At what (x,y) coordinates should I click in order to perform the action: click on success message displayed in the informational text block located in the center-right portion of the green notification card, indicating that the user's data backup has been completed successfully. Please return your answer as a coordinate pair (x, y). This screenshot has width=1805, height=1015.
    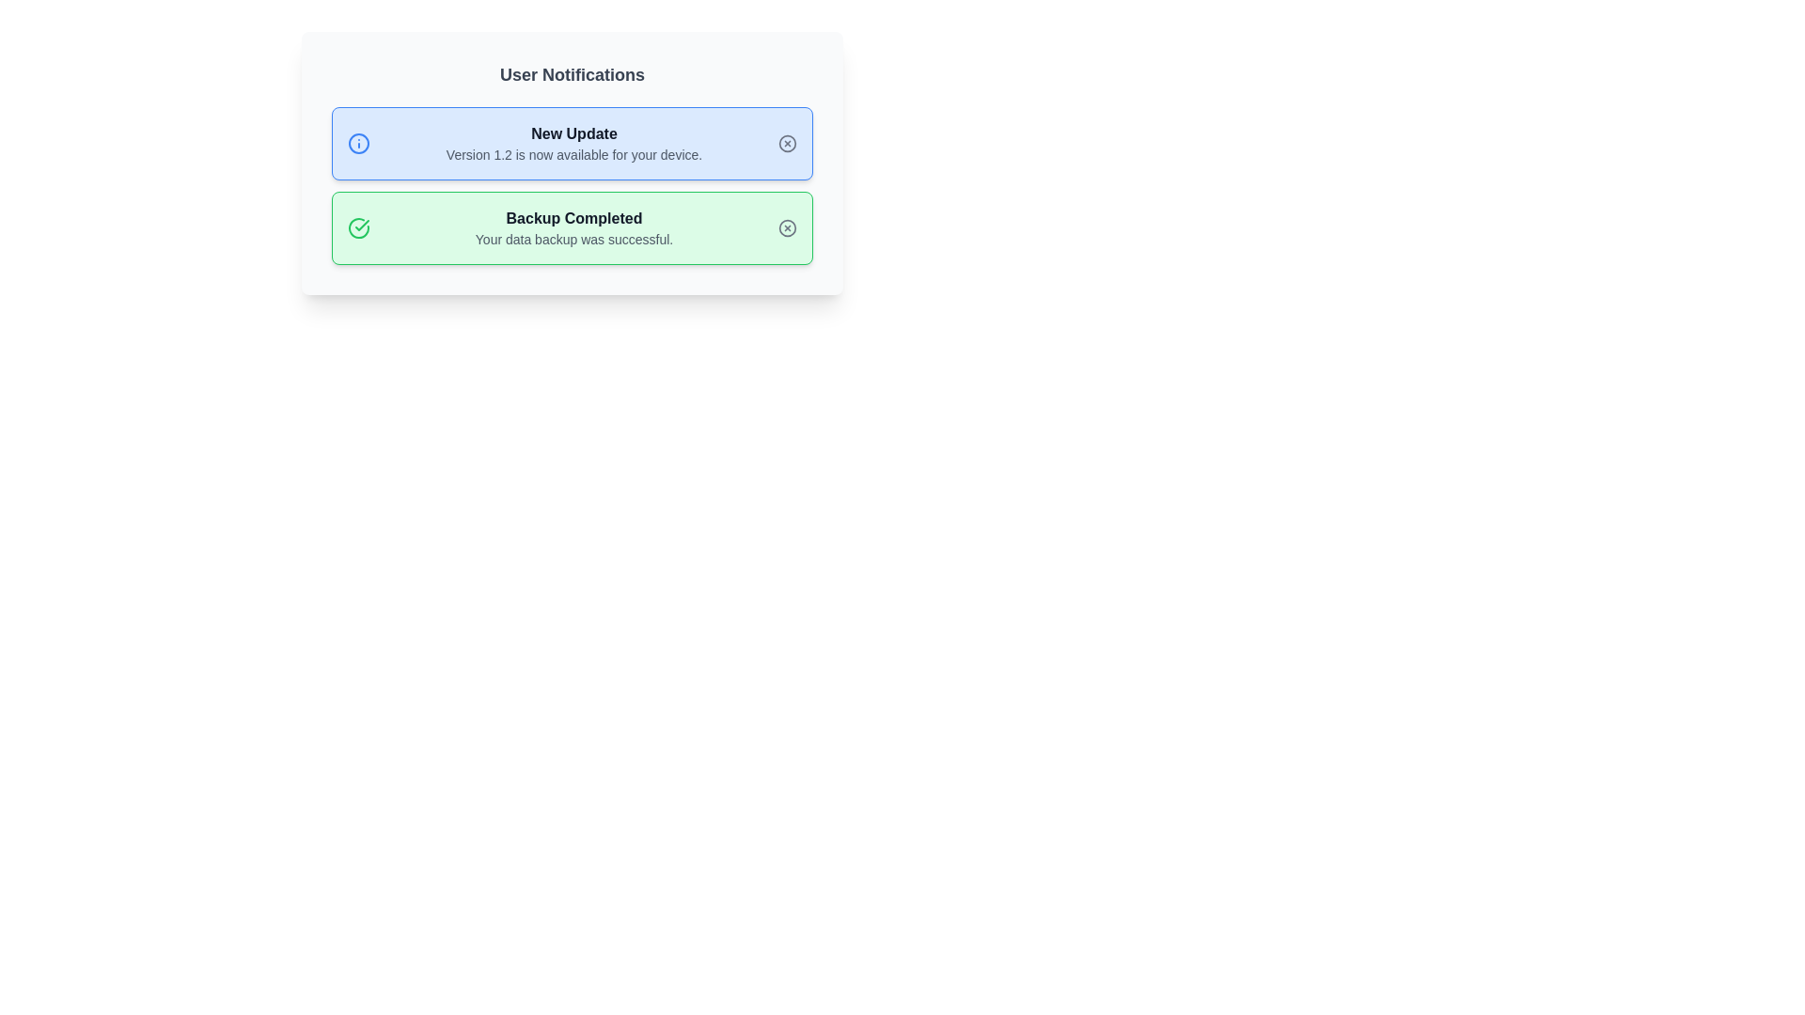
    Looking at the image, I should click on (573, 227).